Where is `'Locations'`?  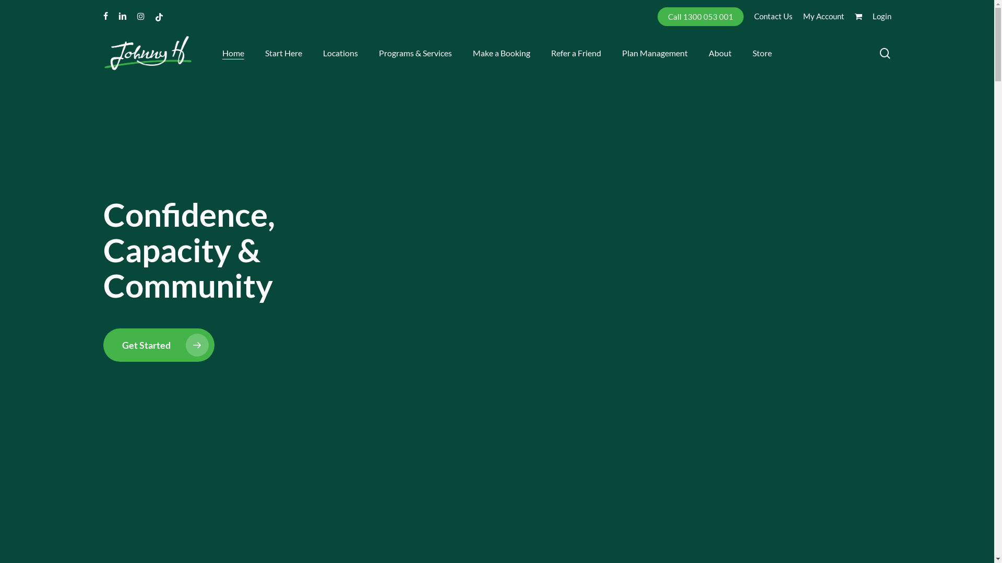
'Locations' is located at coordinates (323, 53).